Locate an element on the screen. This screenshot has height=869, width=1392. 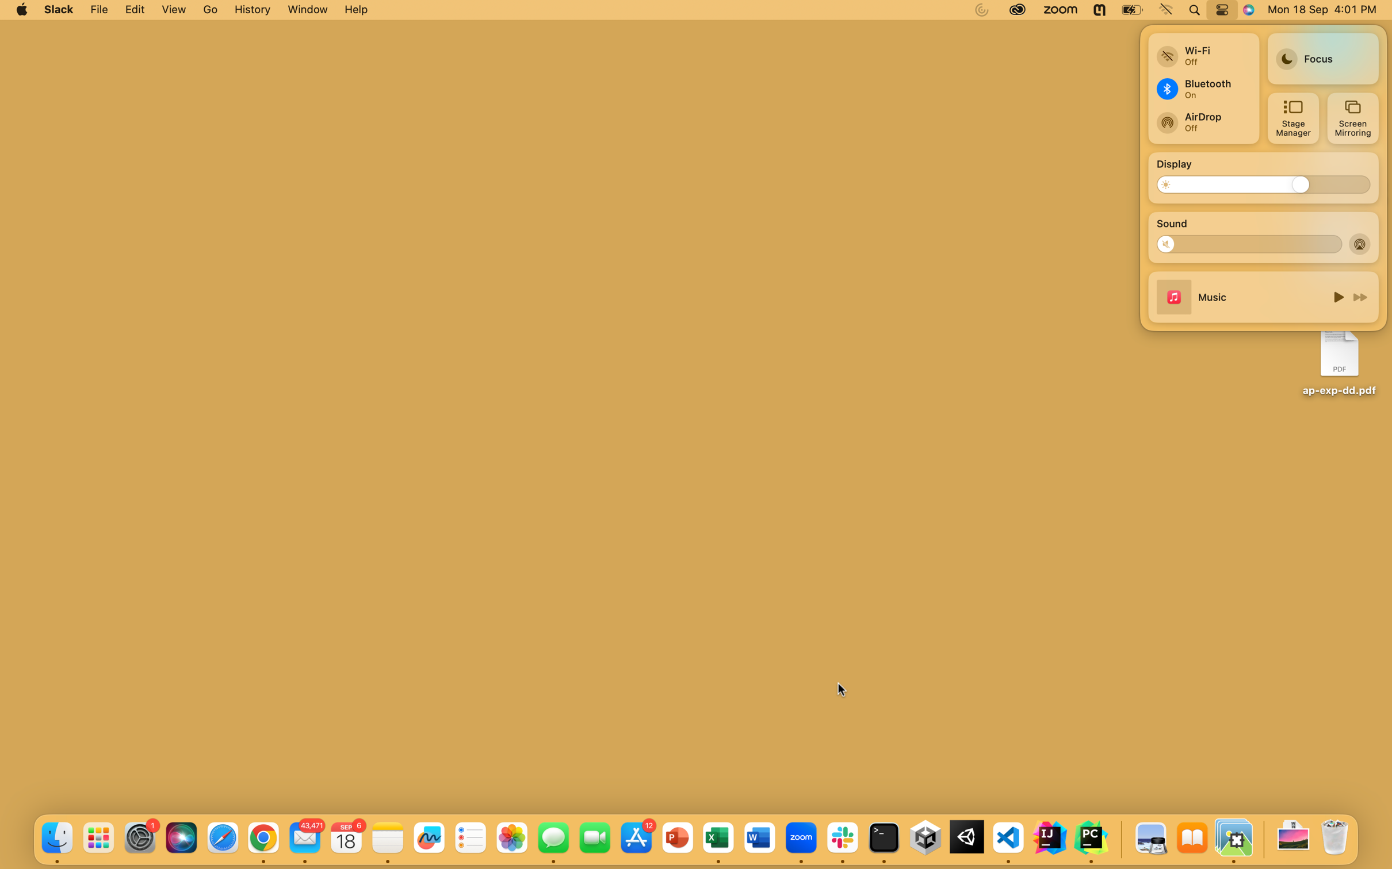
Cease the currently playing audio is located at coordinates (1336, 296).